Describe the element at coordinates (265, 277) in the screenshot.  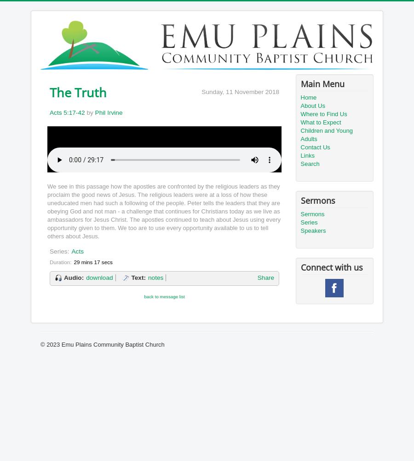
I see `'Share'` at that location.